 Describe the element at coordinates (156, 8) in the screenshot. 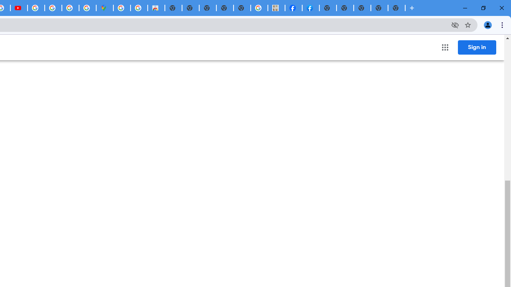

I see `'Chrome Web Store - Shopping'` at that location.